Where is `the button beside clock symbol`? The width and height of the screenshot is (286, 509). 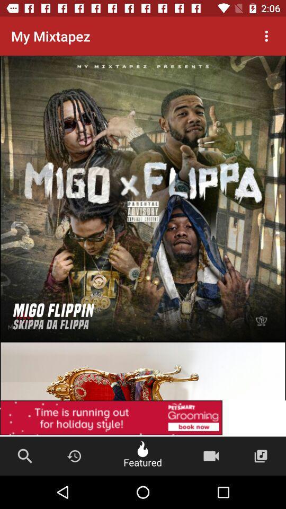
the button beside clock symbol is located at coordinates (143, 455).